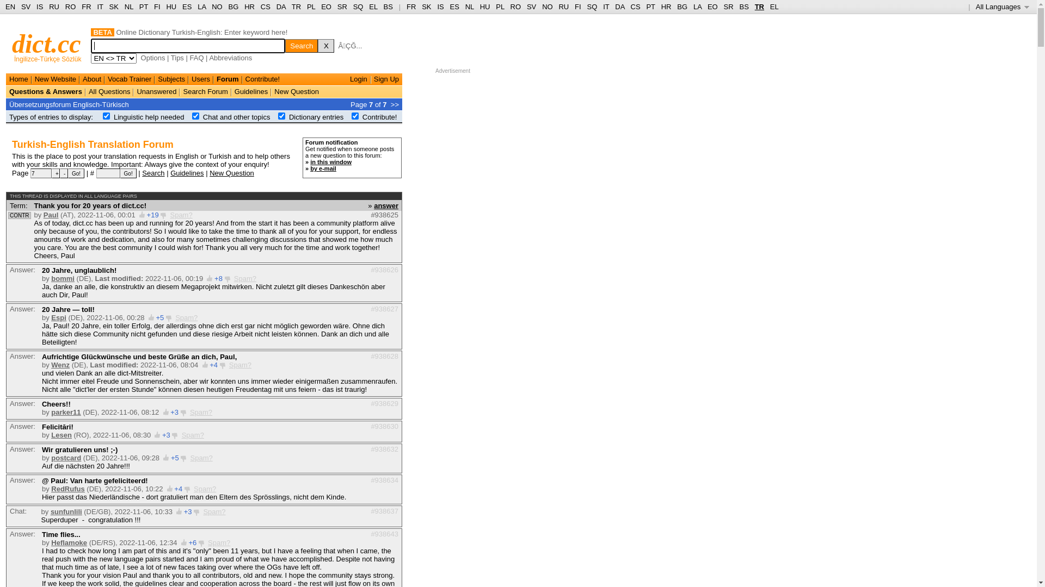 This screenshot has width=1045, height=587. Describe the element at coordinates (729, 7) in the screenshot. I see `'SR'` at that location.